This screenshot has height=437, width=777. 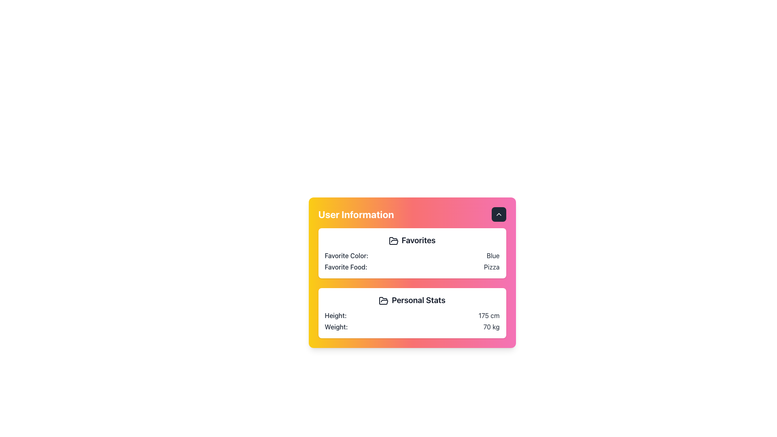 What do you see at coordinates (412, 256) in the screenshot?
I see `the first row of the 'Favorites' section, which displays the user's favorite color` at bounding box center [412, 256].